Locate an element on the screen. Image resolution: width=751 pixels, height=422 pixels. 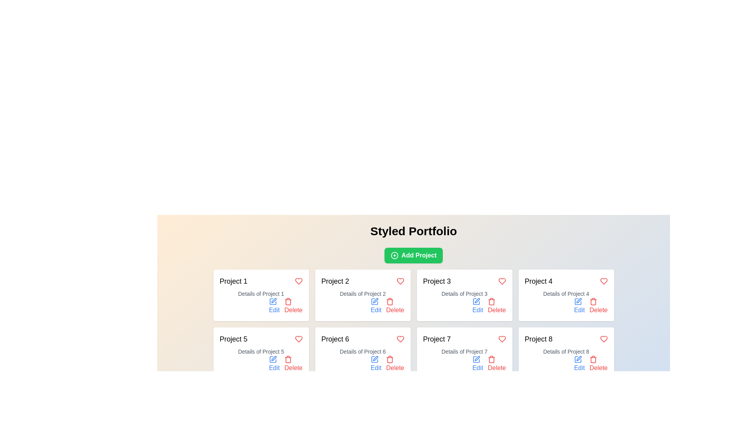
the heart-shaped interactive icon located at the far right of 'Project 5' to mark or unmark the project as a favorite is located at coordinates (298, 338).